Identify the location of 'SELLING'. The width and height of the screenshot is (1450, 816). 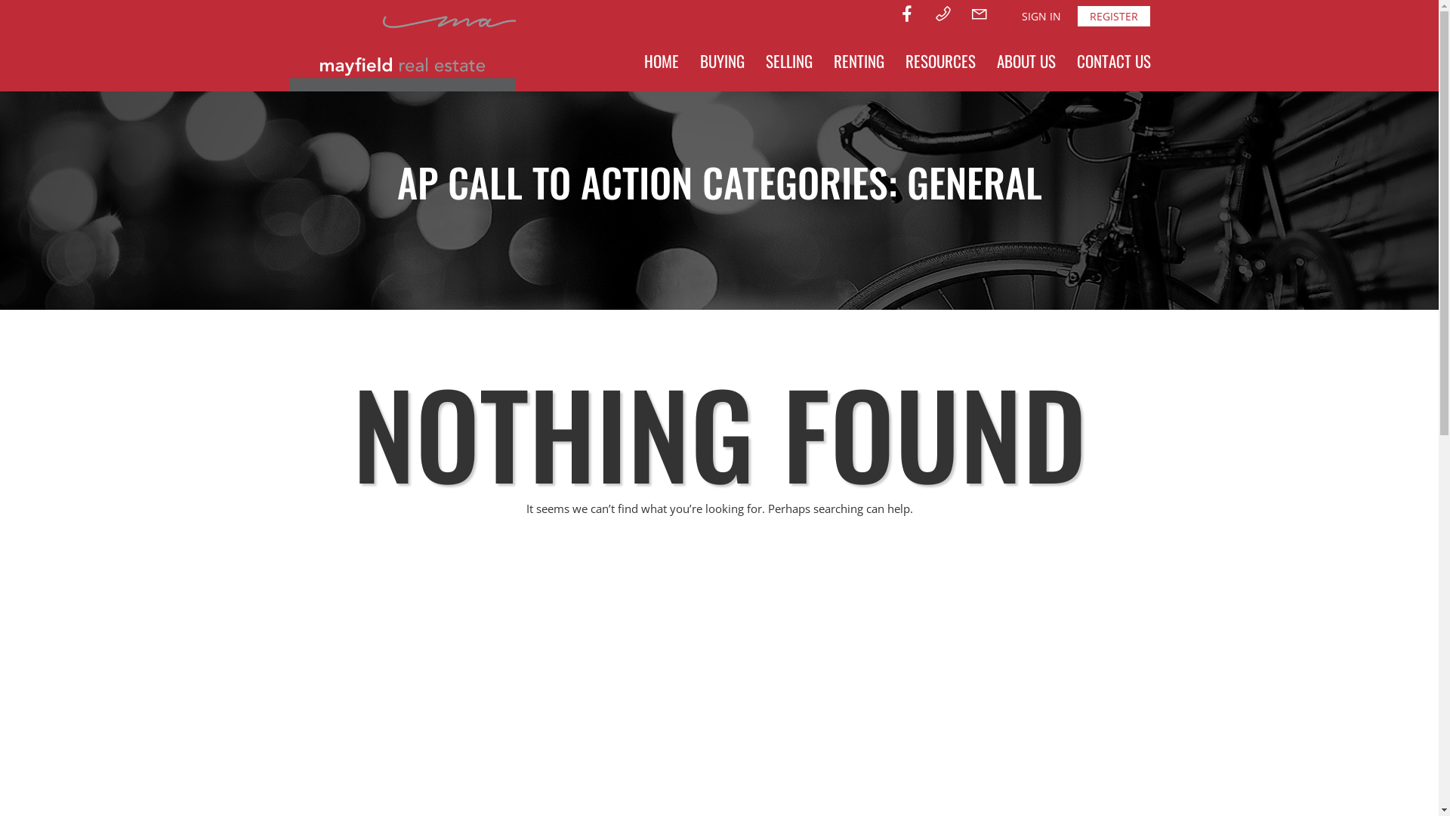
(788, 60).